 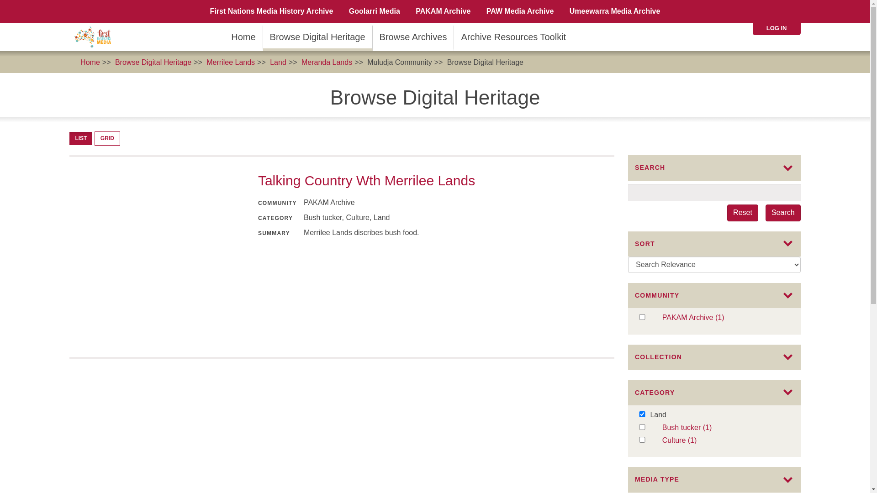 What do you see at coordinates (714, 295) in the screenshot?
I see `'COMMUNITY'` at bounding box center [714, 295].